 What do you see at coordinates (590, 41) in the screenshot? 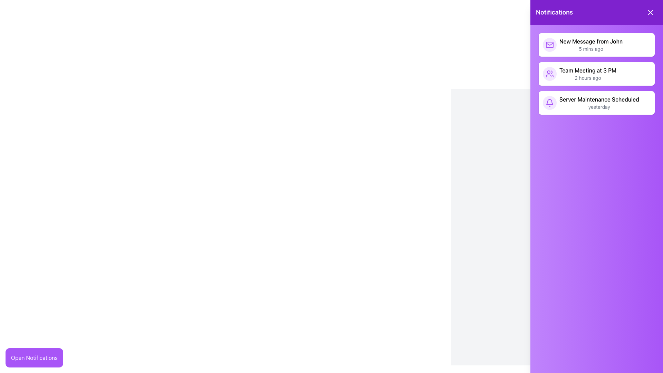
I see `the Text Label that serves as the title of the notification item, located at the top of the notifications list under the heading 'Notifications'` at bounding box center [590, 41].